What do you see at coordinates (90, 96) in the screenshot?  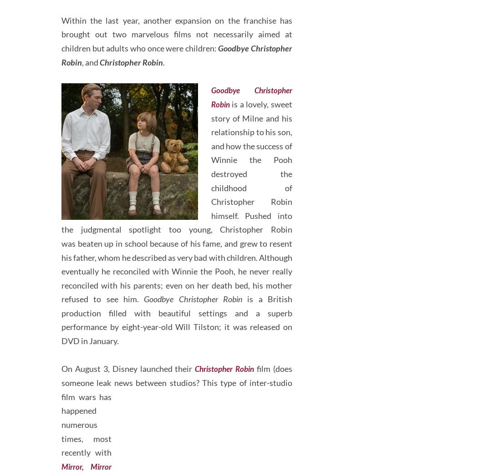 I see `', and'` at bounding box center [90, 96].